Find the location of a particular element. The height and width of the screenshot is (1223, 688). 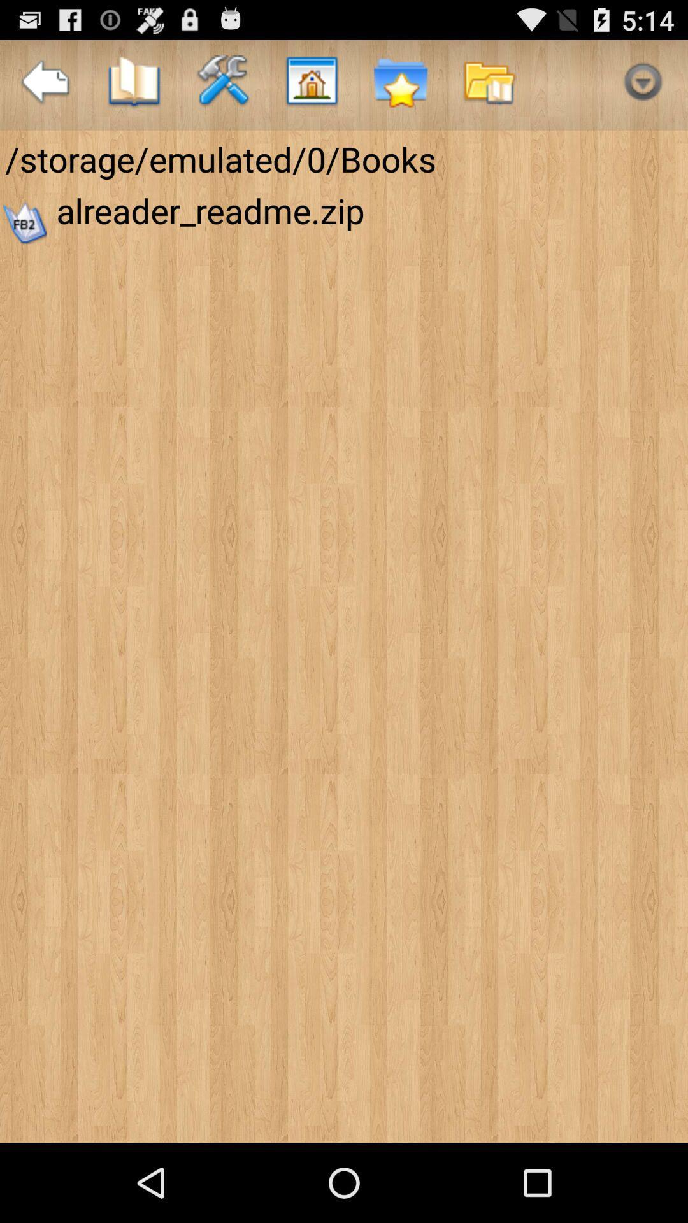

the app above storage emulated 0 is located at coordinates (489, 84).